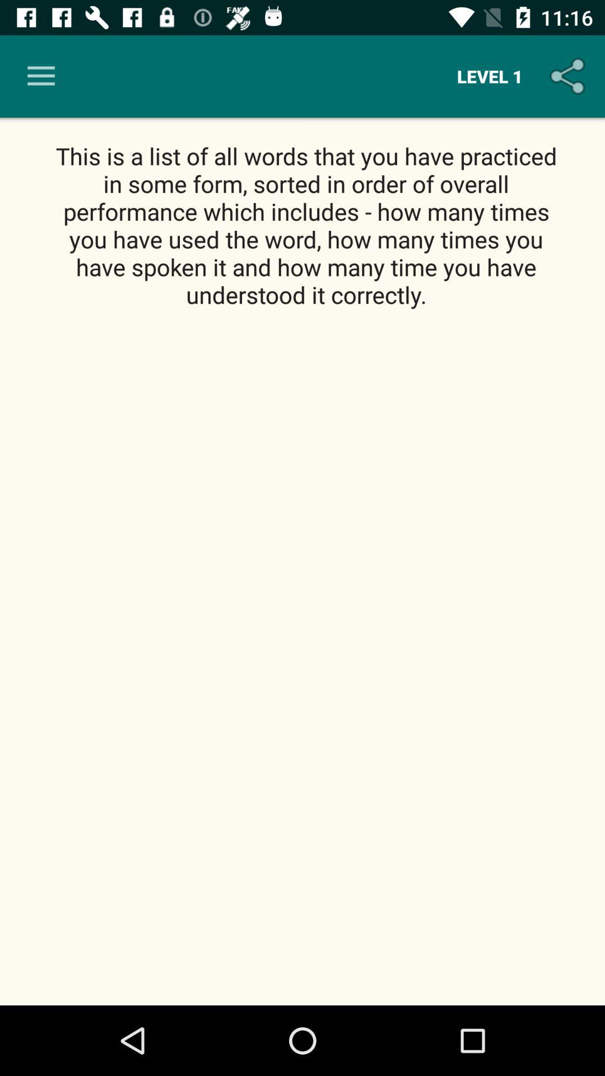  Describe the element at coordinates (40, 76) in the screenshot. I see `the item to the left of level 1` at that location.